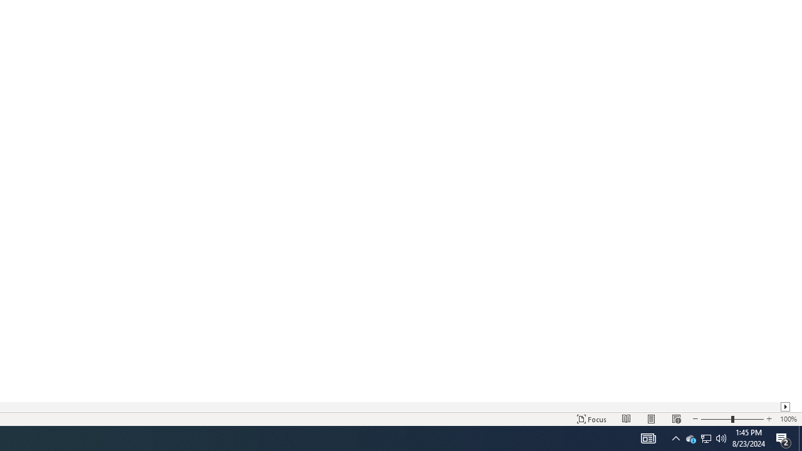 This screenshot has width=802, height=451. Describe the element at coordinates (732, 419) in the screenshot. I see `'Zoom'` at that location.